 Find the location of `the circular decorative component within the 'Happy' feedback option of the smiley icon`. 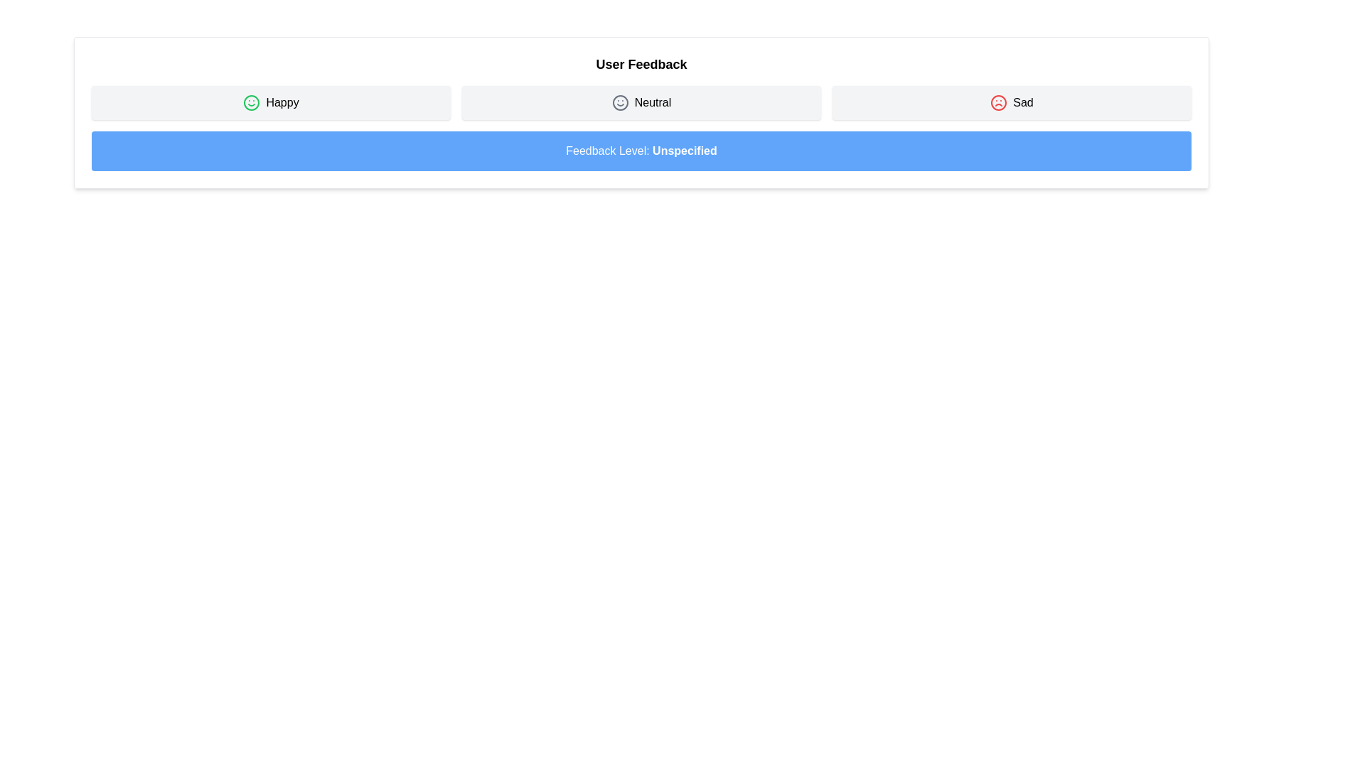

the circular decorative component within the 'Happy' feedback option of the smiley icon is located at coordinates (252, 102).